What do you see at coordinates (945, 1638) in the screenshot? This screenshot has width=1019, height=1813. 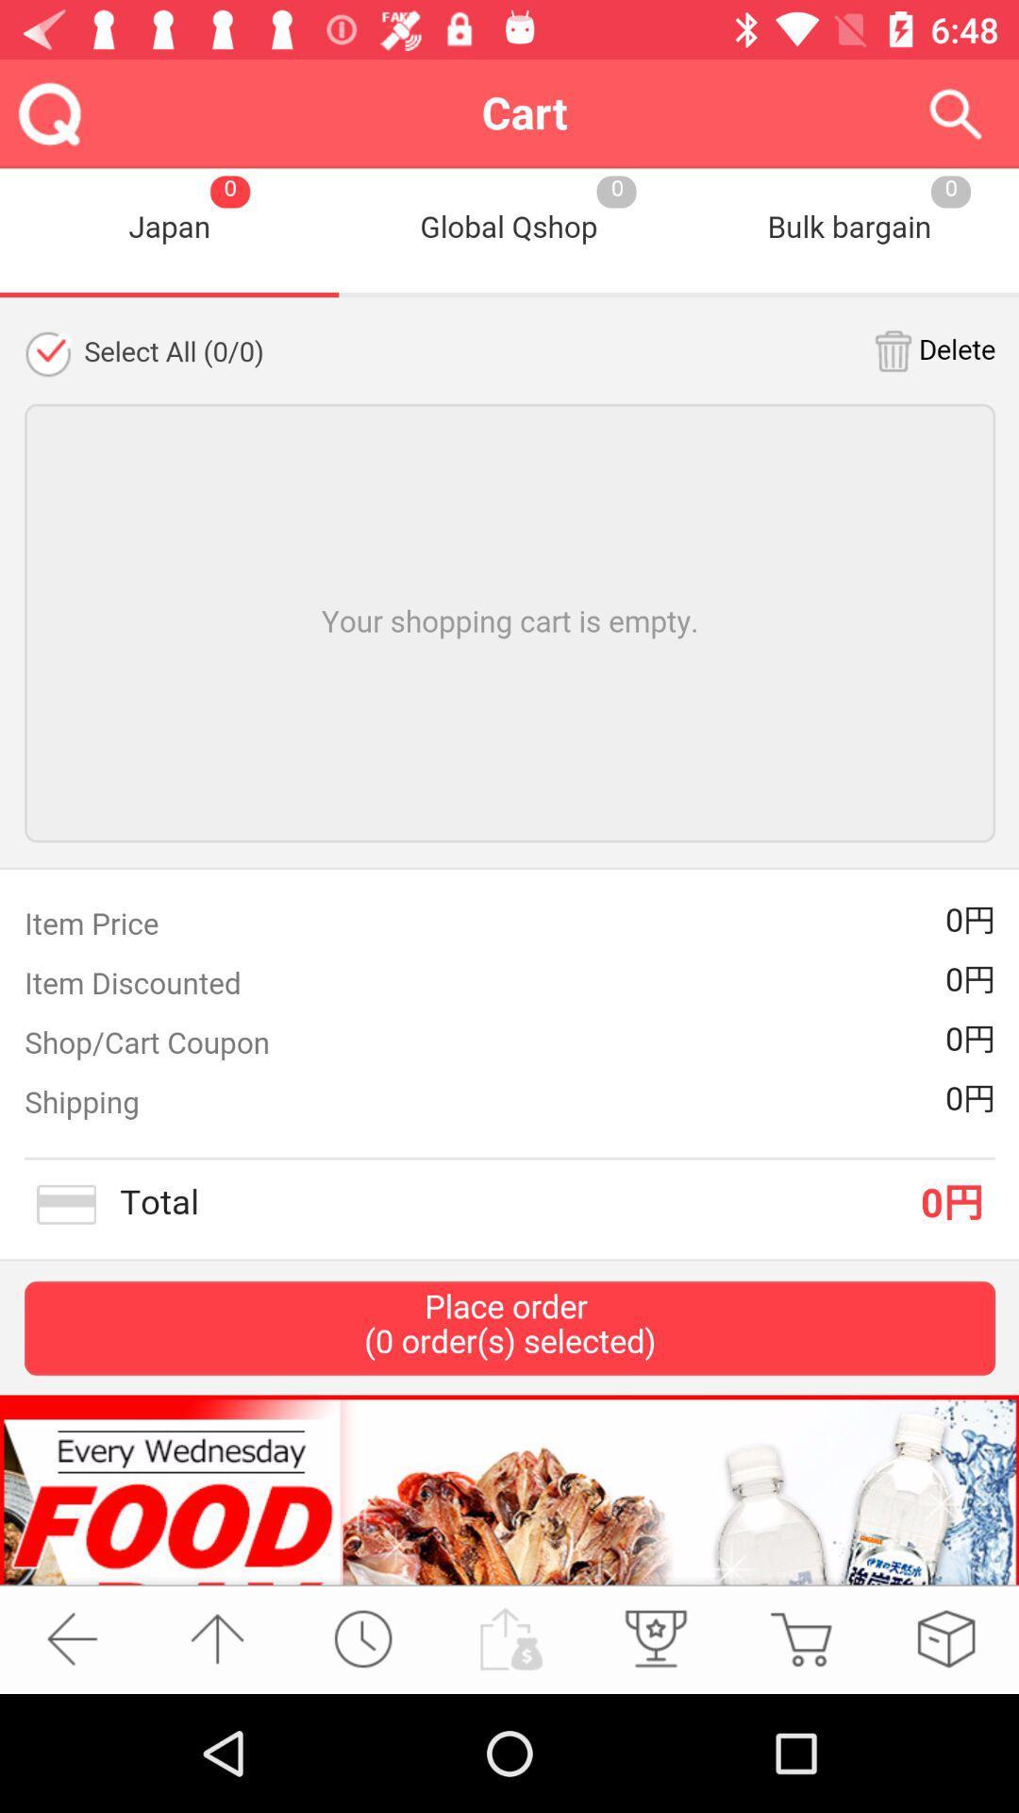 I see `the last icon which is at the bottom right corner` at bounding box center [945, 1638].